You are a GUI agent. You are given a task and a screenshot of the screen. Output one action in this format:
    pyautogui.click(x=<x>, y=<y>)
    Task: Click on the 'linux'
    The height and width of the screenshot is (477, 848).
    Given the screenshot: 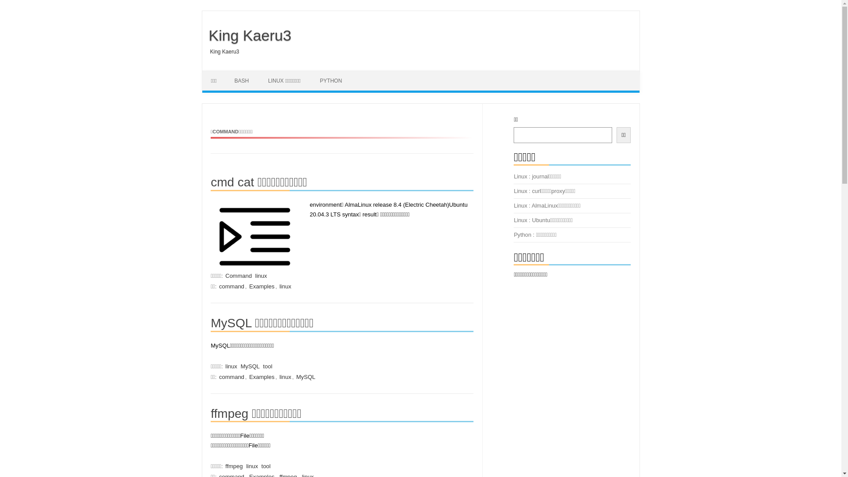 What is the action you would take?
    pyautogui.click(x=261, y=275)
    